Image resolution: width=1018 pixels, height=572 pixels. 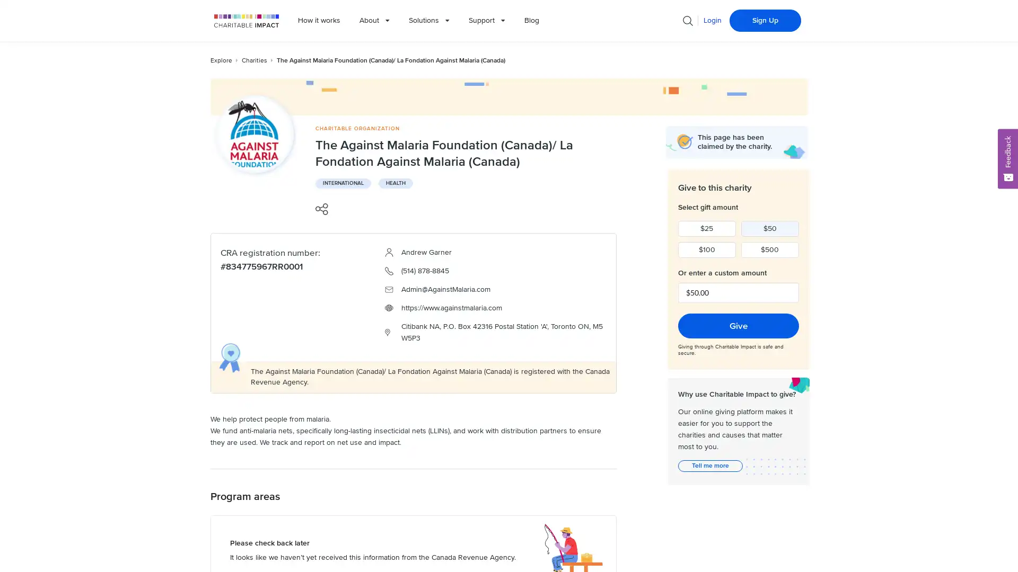 What do you see at coordinates (769, 249) in the screenshot?
I see `$500` at bounding box center [769, 249].